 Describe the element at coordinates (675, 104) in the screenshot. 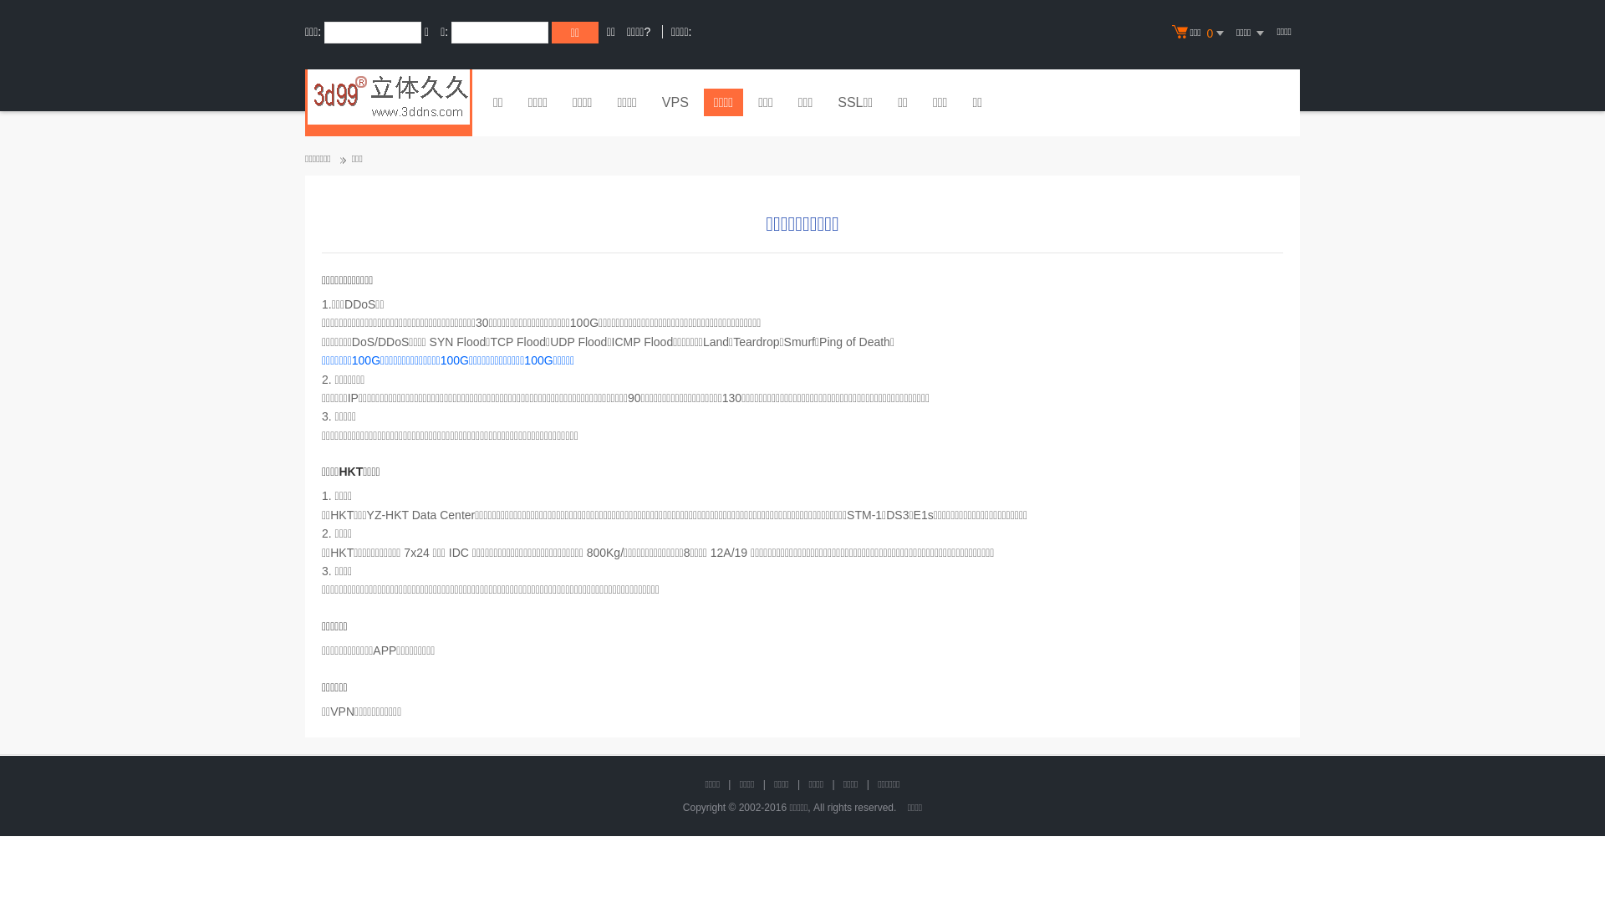

I see `'VPS'` at that location.